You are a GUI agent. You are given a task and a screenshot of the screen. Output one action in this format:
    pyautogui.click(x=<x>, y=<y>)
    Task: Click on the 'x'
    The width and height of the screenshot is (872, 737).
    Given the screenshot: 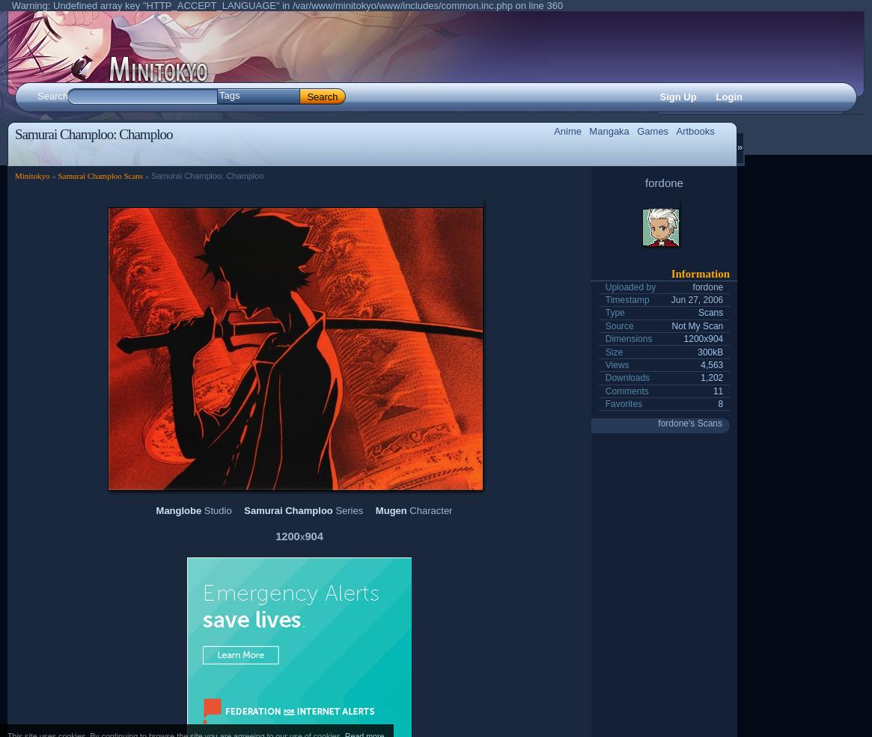 What is the action you would take?
    pyautogui.click(x=301, y=536)
    